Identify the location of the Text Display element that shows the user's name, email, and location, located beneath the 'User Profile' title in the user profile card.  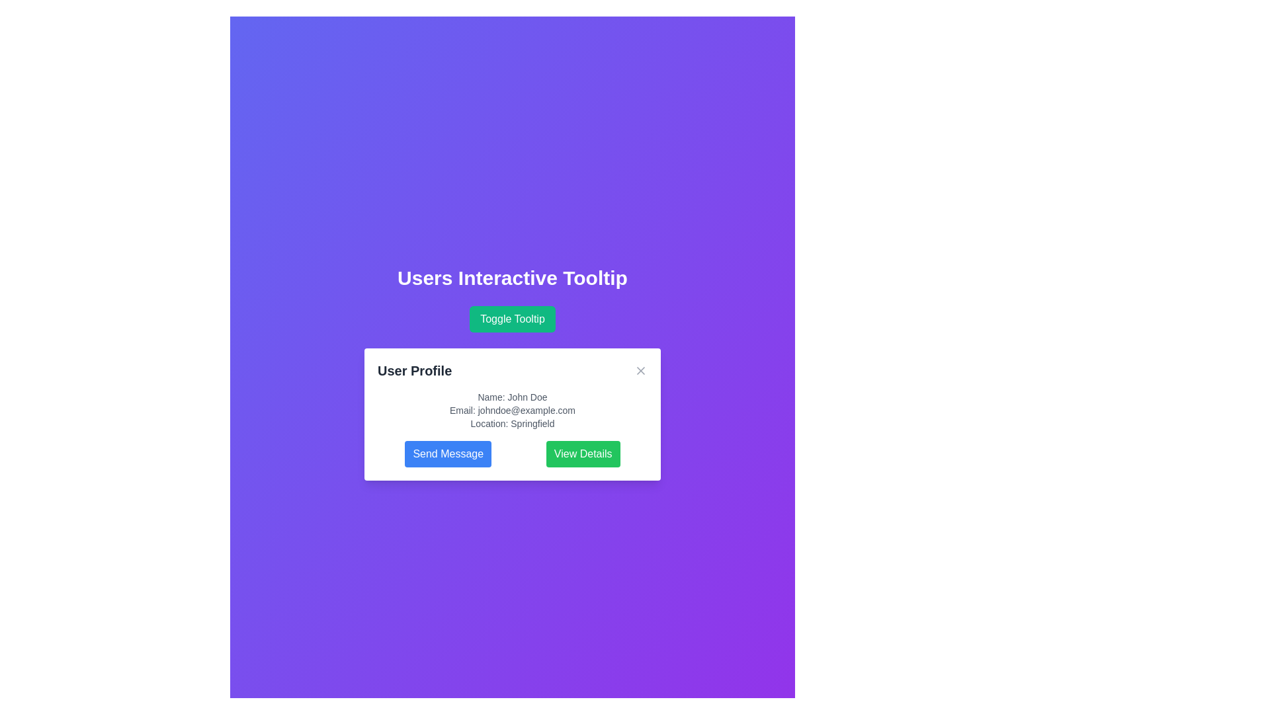
(511, 410).